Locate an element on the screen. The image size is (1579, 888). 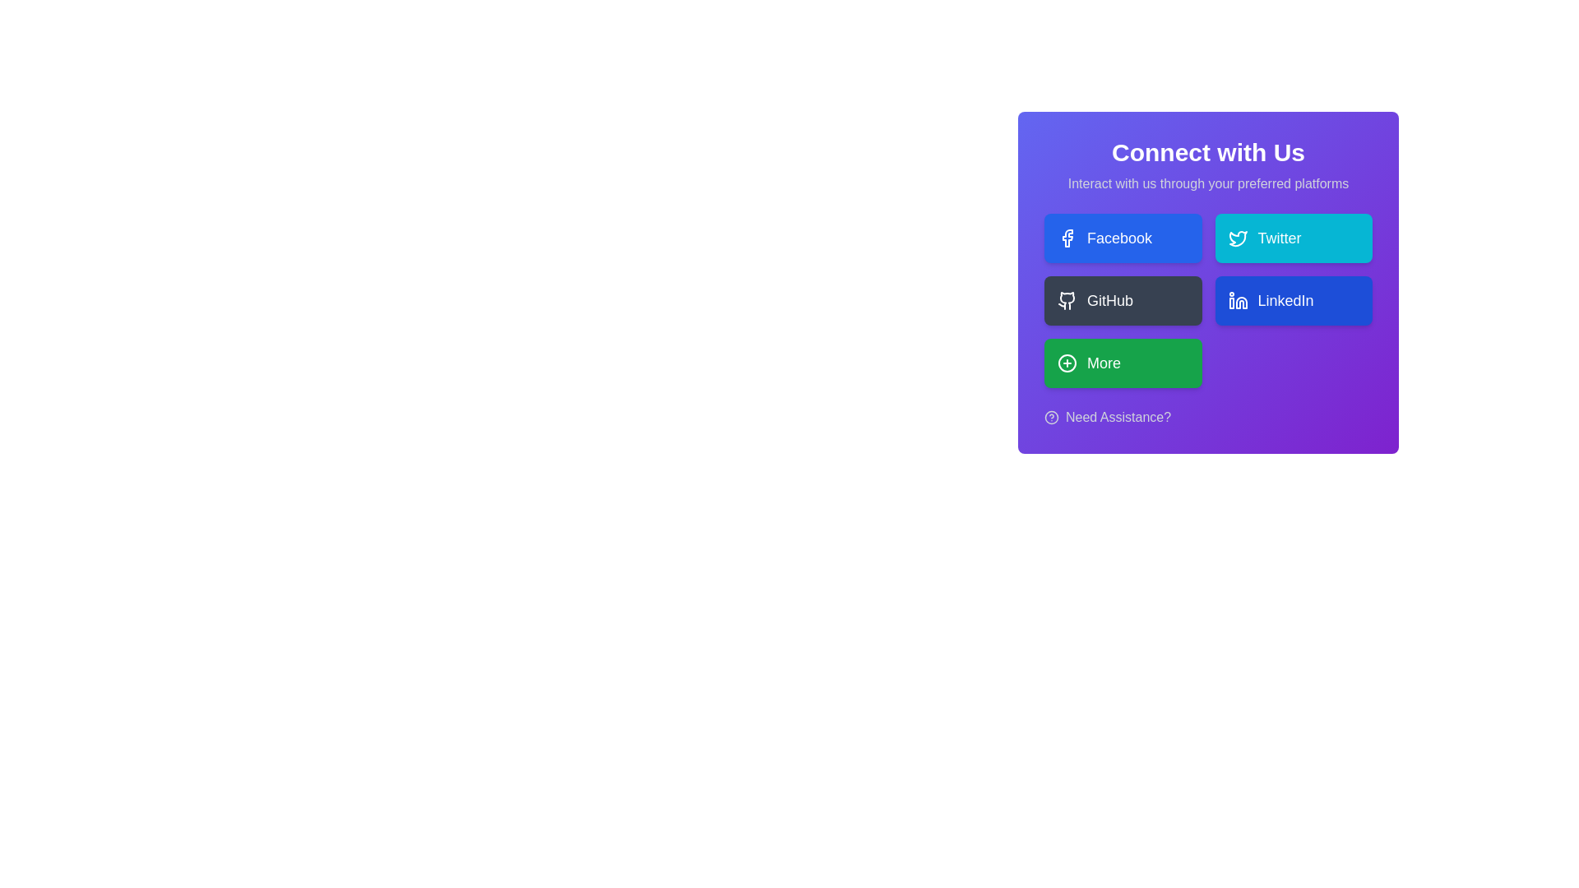
the Facebook branding icon within the first button of the vertically-aligned grid of interaction options is located at coordinates (1067, 238).